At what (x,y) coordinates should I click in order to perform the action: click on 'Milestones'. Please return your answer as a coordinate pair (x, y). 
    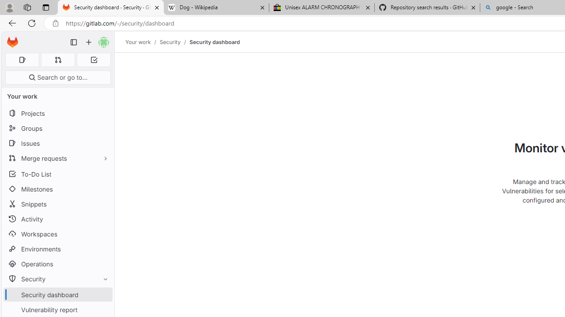
    Looking at the image, I should click on (57, 188).